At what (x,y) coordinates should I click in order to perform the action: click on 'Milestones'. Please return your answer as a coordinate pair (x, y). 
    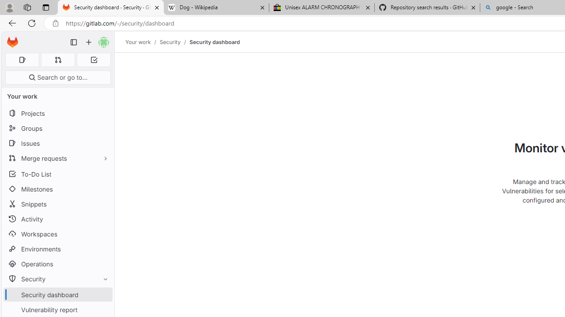
    Looking at the image, I should click on (57, 188).